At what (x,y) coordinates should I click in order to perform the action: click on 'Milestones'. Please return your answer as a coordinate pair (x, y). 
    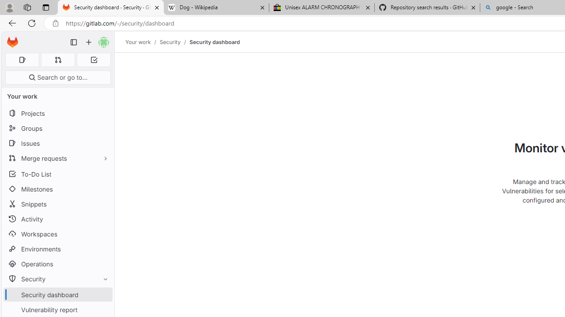
    Looking at the image, I should click on (57, 188).